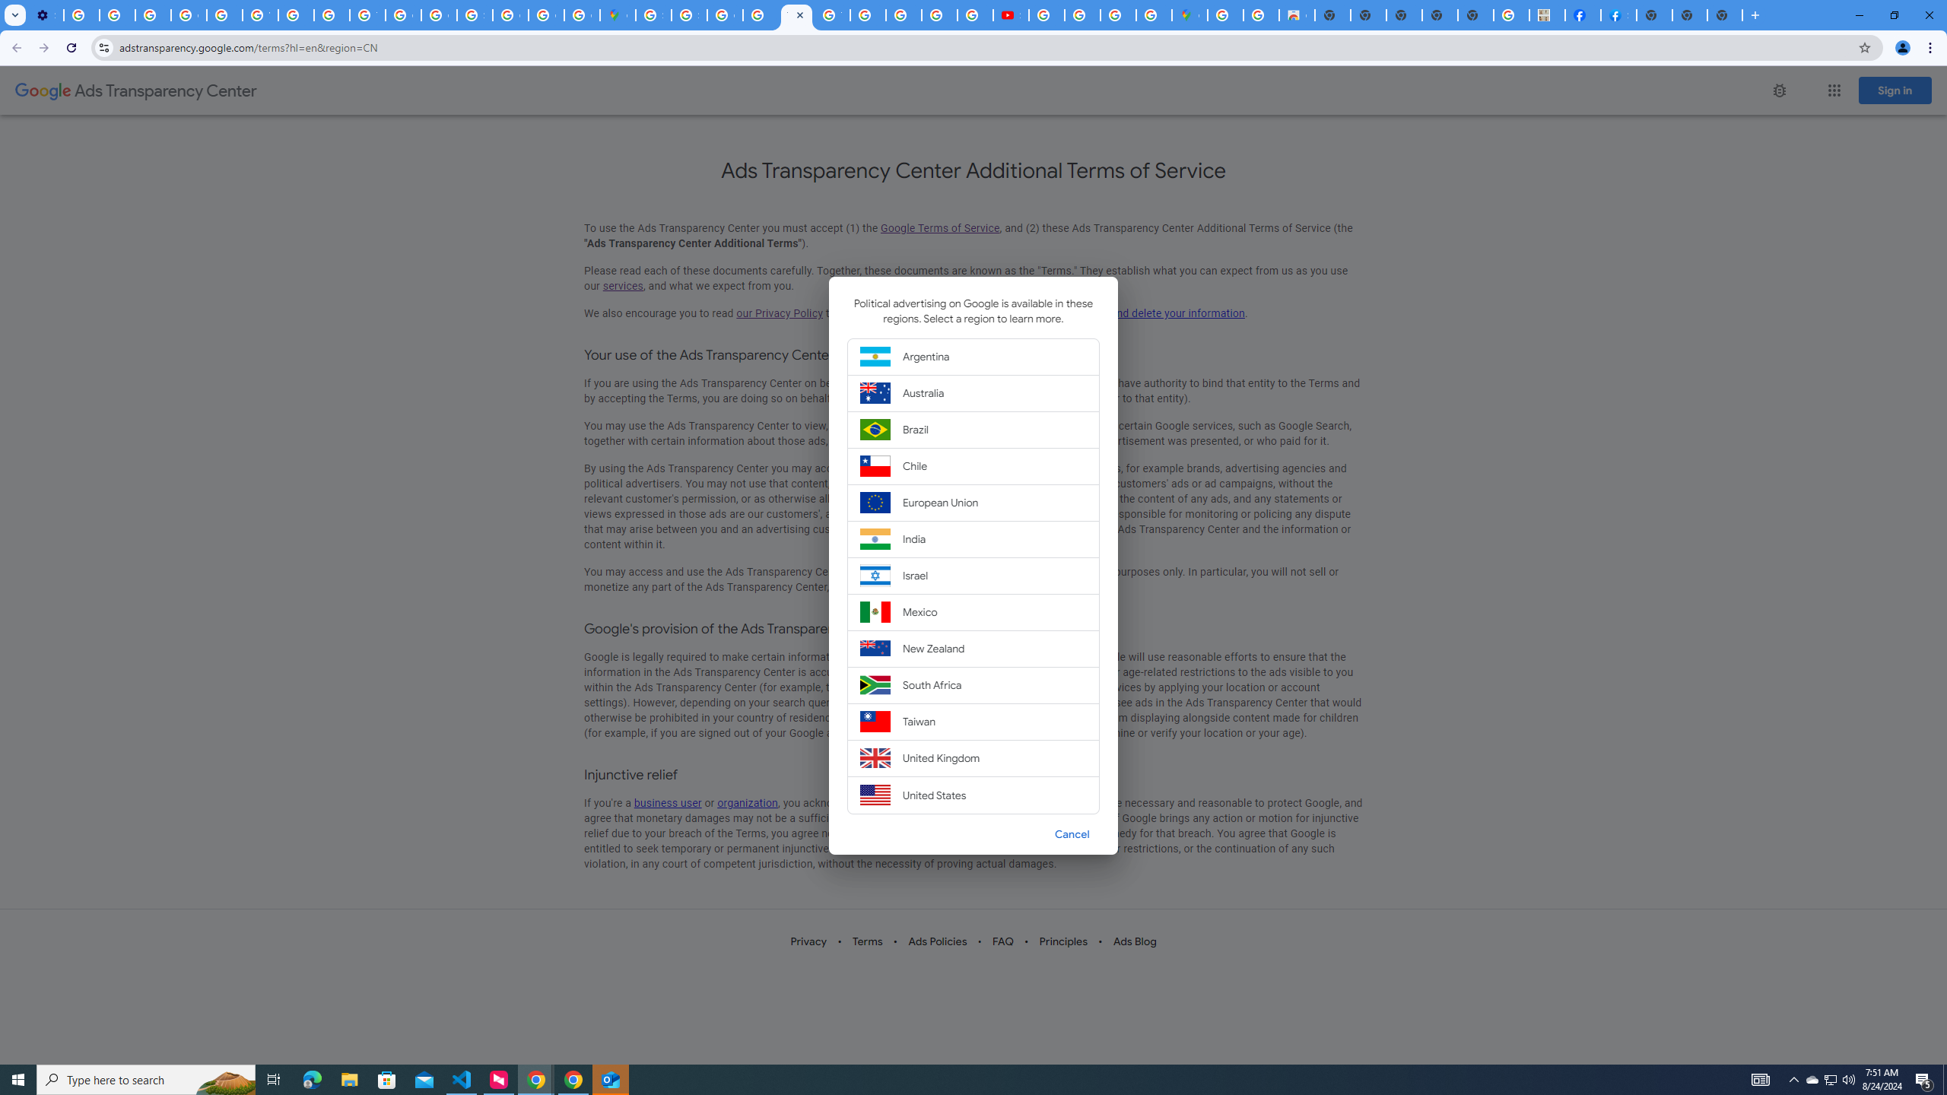  Describe the element at coordinates (621, 285) in the screenshot. I see `'services'` at that location.